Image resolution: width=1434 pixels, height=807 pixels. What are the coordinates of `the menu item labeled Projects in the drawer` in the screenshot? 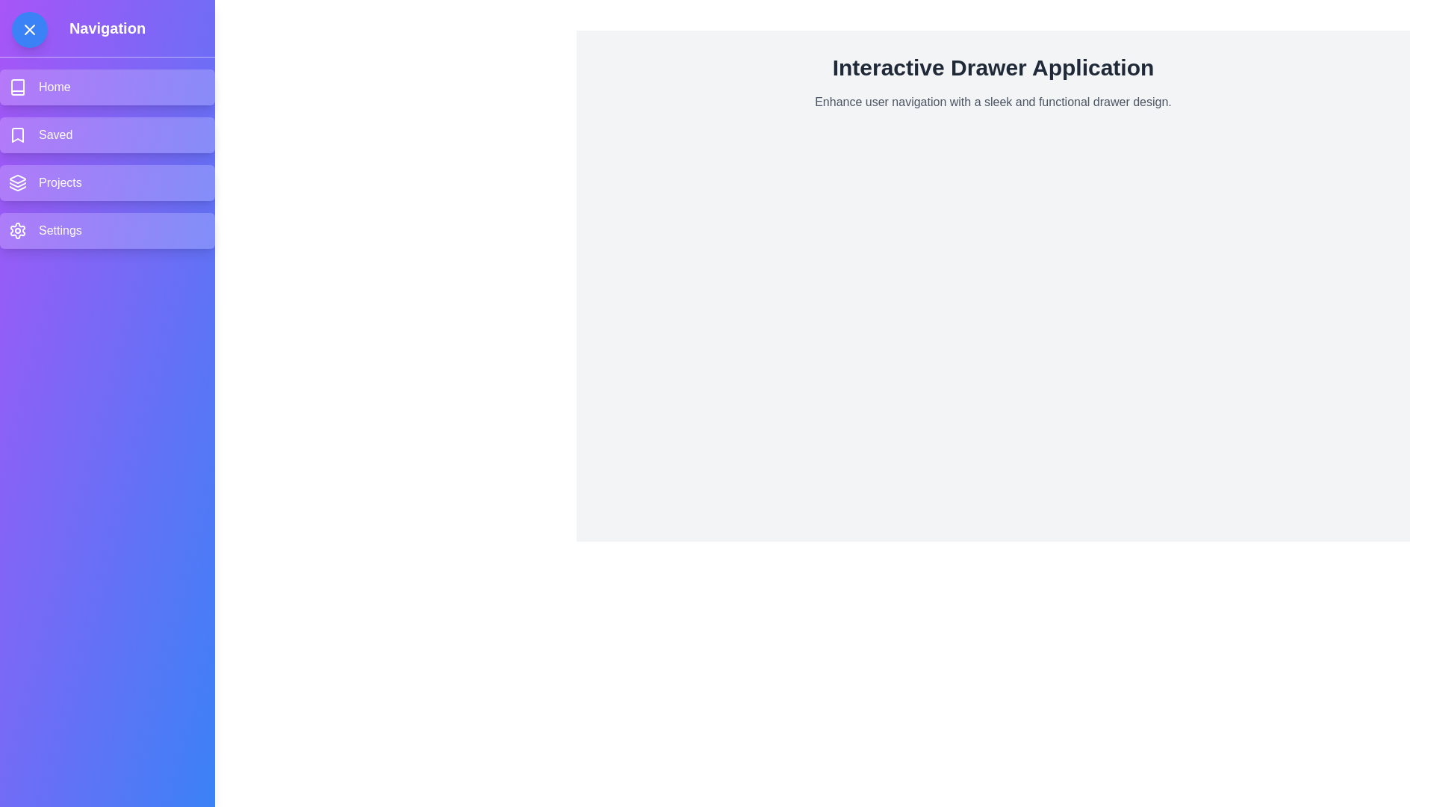 It's located at (107, 182).